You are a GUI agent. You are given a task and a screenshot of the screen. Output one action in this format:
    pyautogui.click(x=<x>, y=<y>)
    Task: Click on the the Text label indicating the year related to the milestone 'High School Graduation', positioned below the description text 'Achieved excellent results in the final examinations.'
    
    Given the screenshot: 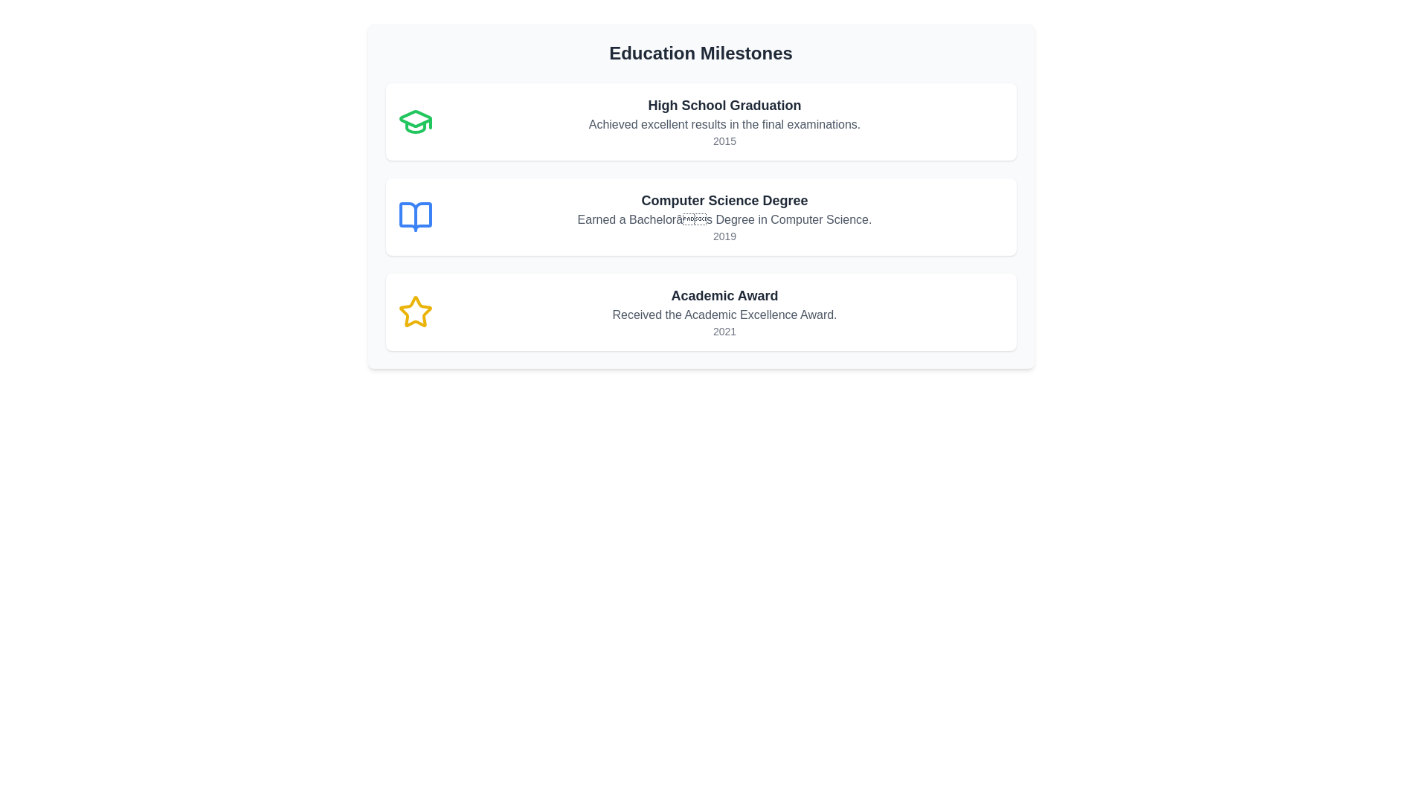 What is the action you would take?
    pyautogui.click(x=724, y=141)
    